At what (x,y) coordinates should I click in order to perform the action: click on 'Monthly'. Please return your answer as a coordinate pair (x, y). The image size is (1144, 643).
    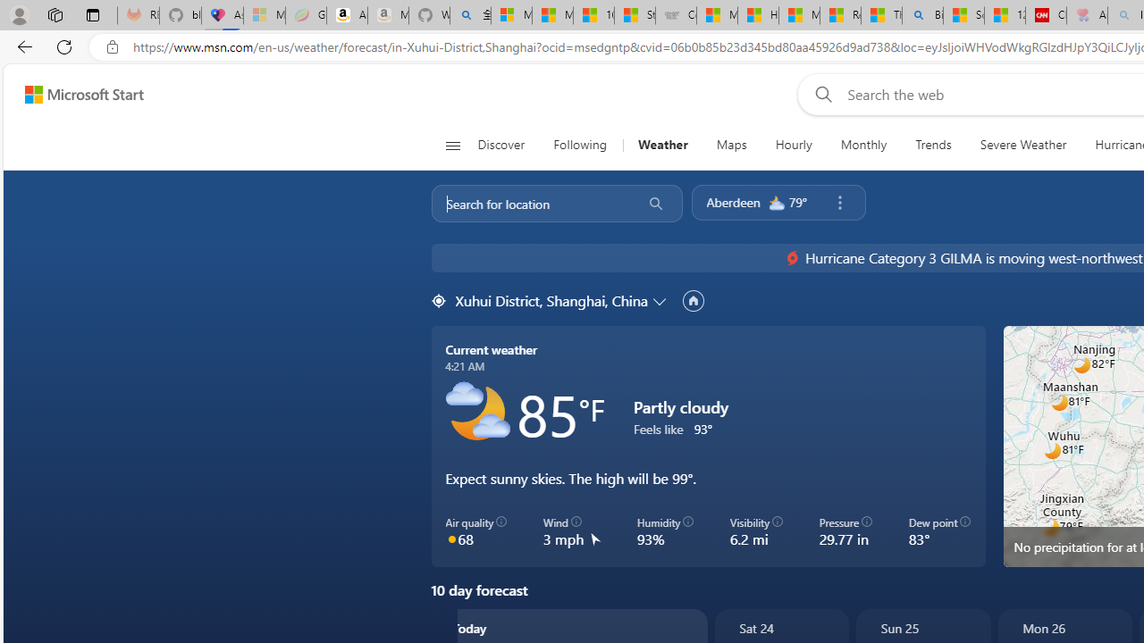
    Looking at the image, I should click on (863, 145).